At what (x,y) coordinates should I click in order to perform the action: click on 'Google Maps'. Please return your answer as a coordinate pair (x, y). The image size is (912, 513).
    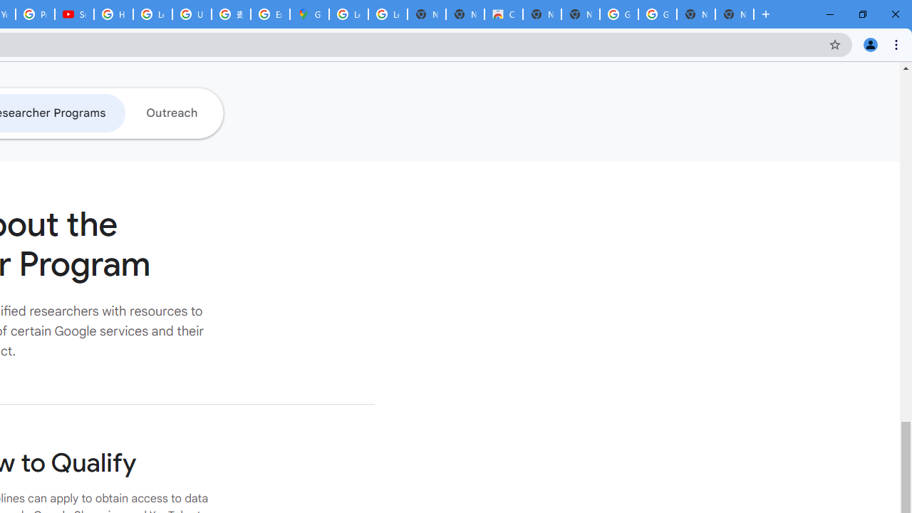
    Looking at the image, I should click on (309, 14).